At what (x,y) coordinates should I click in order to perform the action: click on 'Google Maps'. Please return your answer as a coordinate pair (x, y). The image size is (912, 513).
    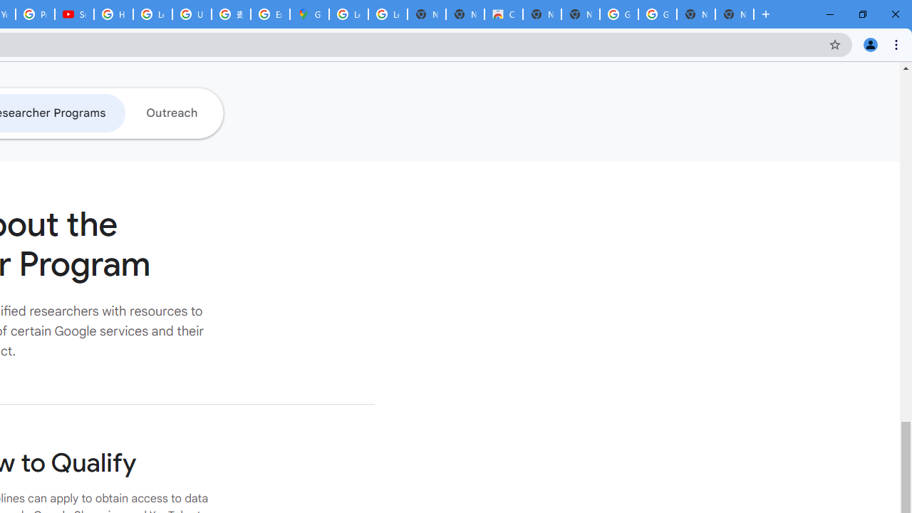
    Looking at the image, I should click on (309, 14).